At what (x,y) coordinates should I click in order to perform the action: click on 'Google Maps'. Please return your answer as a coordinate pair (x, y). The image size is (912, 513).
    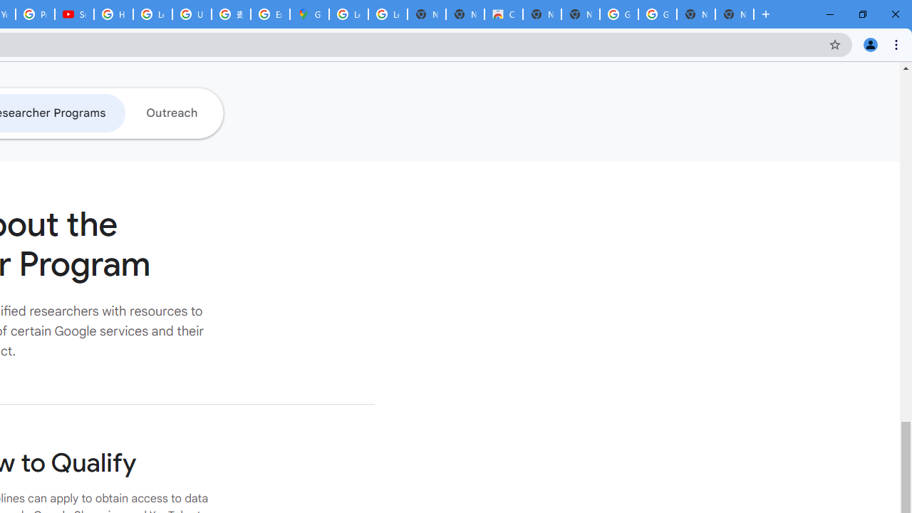
    Looking at the image, I should click on (309, 14).